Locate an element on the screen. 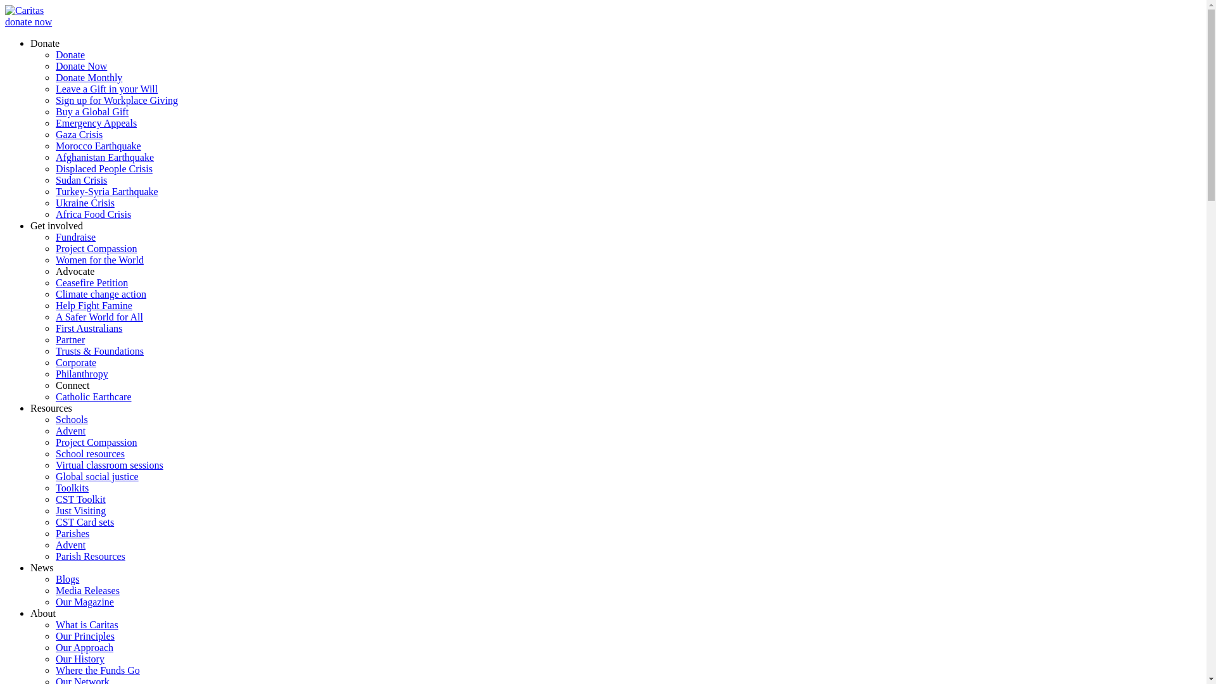  'Sign up for Workplace Giving' is located at coordinates (117, 99).